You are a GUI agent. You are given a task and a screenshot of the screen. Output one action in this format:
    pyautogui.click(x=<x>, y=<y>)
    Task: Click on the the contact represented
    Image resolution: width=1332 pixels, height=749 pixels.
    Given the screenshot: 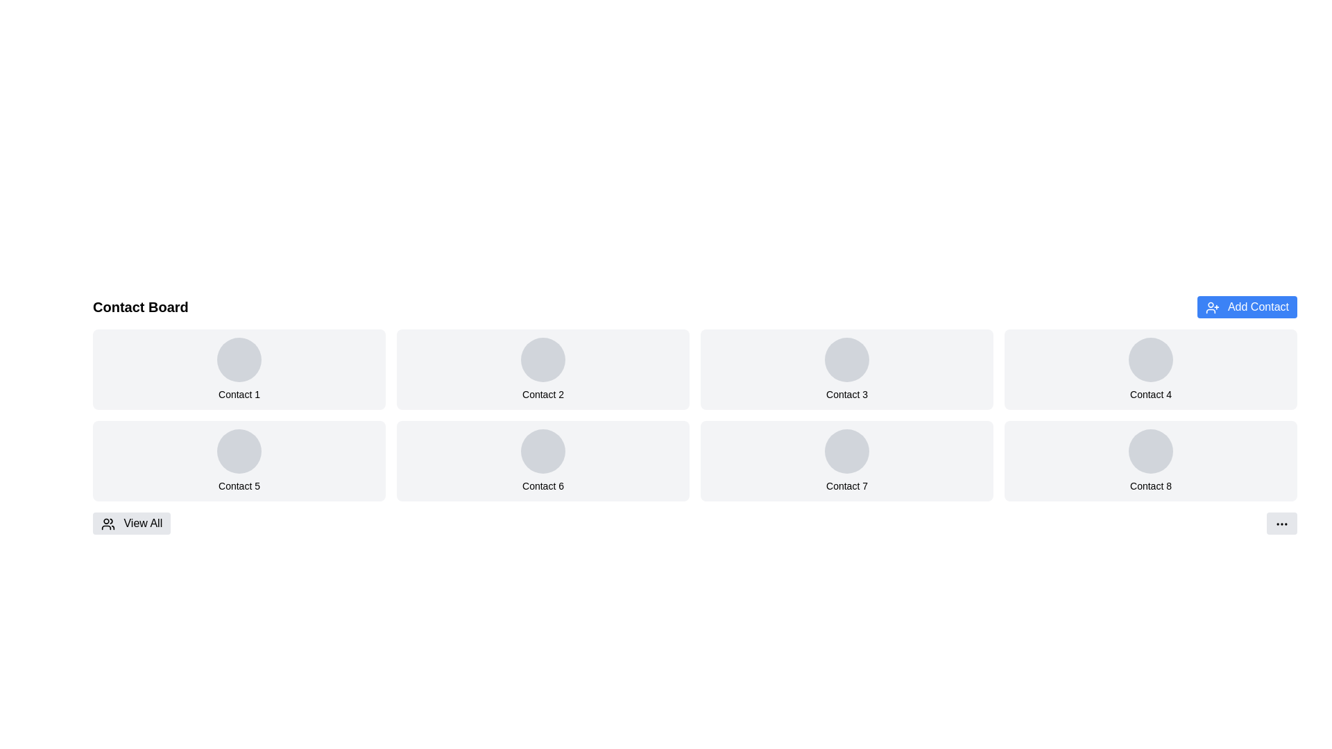 What is the action you would take?
    pyautogui.click(x=542, y=395)
    